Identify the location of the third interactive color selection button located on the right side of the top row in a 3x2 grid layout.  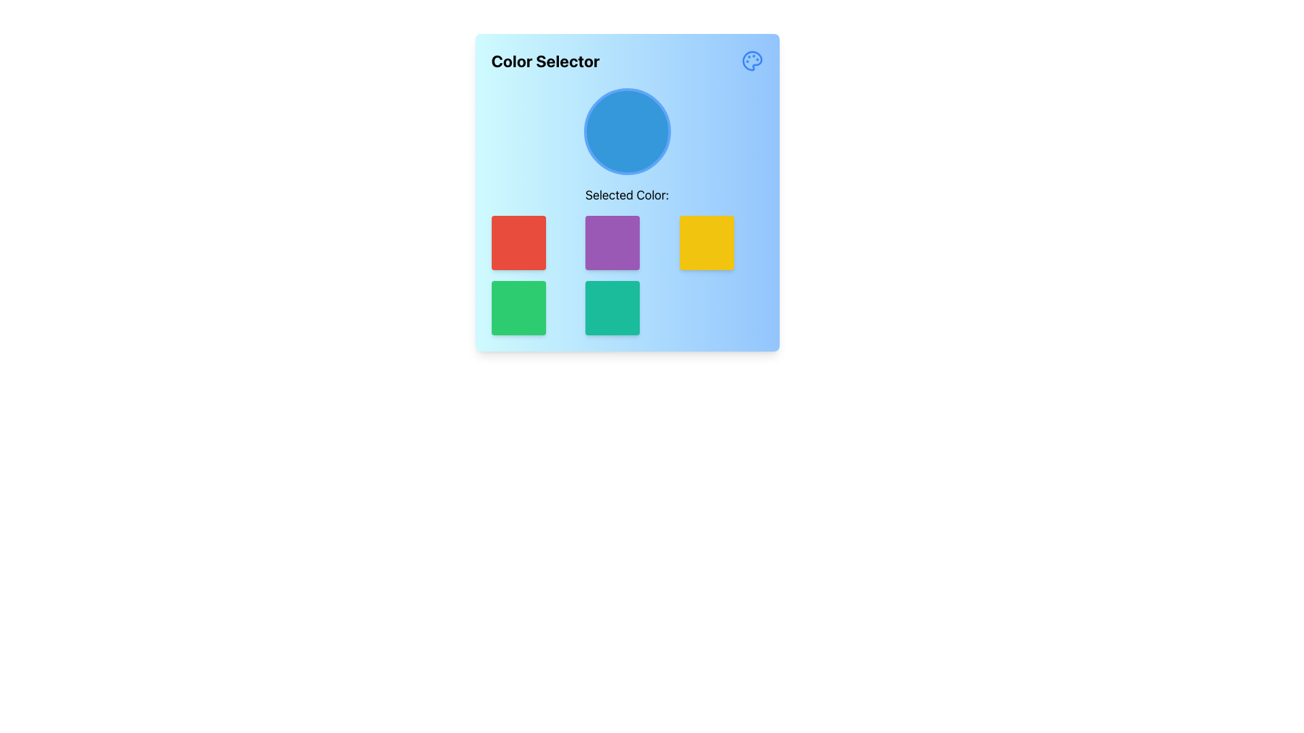
(721, 242).